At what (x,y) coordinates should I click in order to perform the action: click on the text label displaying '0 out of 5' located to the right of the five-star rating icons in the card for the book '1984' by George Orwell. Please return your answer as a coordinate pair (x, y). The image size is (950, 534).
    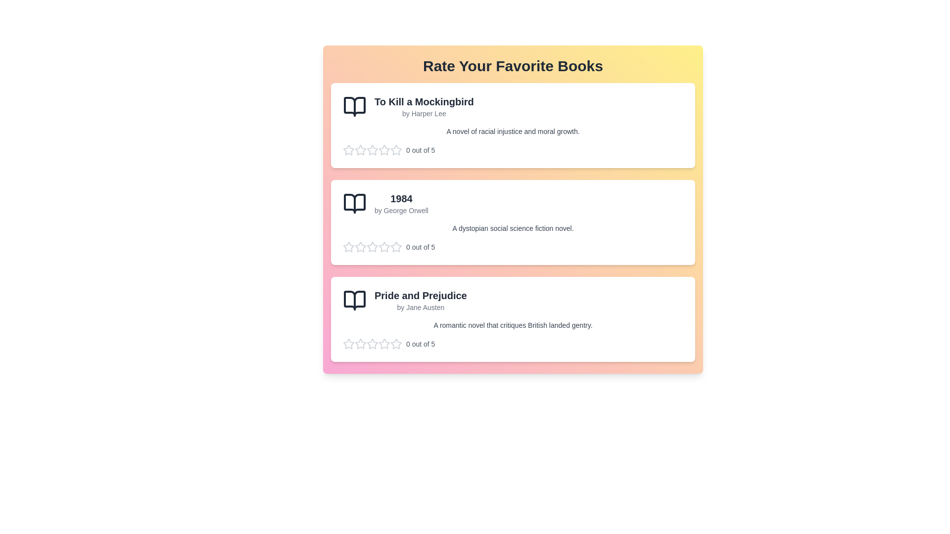
    Looking at the image, I should click on (421, 247).